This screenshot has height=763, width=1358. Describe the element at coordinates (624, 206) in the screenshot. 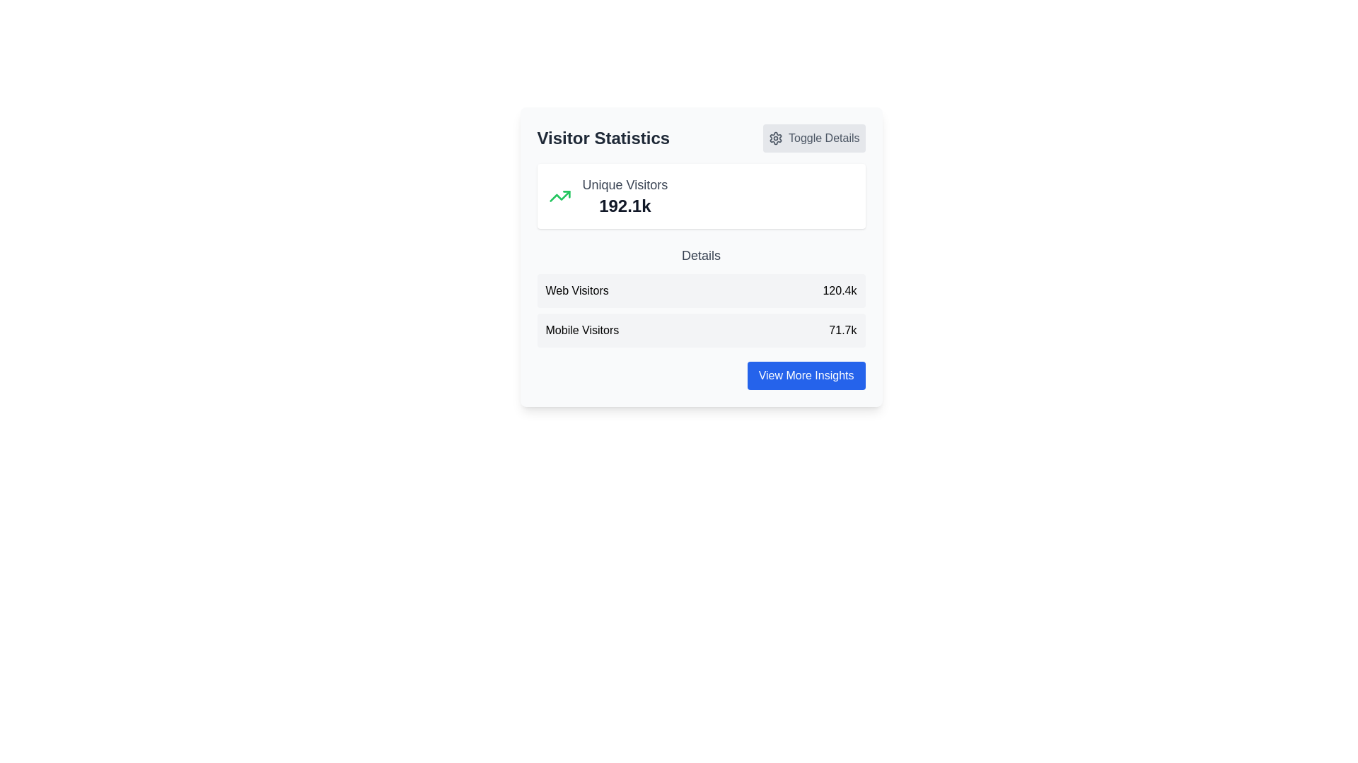

I see `displayed value of the text label showing '192.1k', which is styled with a large, bold font and dark gray color, located beneath 'Unique Visitors' in the 'Visitor Statistics' panel` at that location.